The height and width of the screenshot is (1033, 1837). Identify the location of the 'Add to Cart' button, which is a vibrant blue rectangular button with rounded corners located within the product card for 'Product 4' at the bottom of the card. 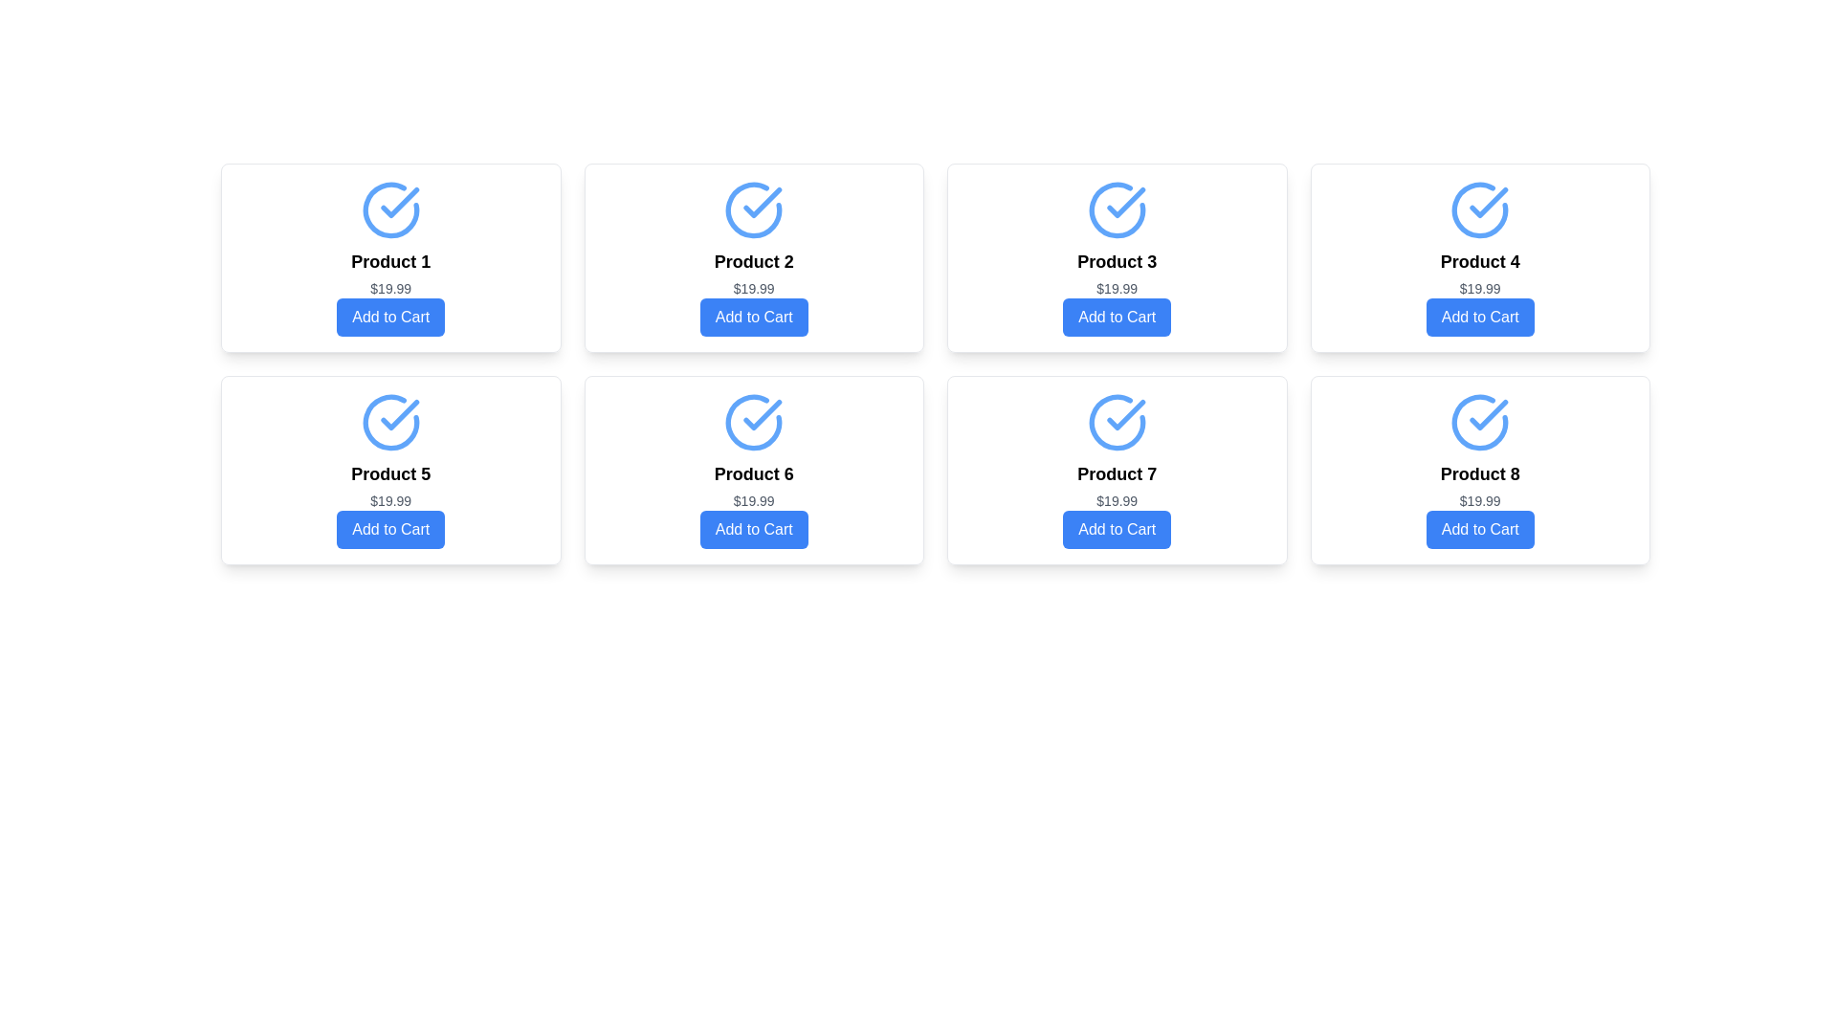
(1479, 316).